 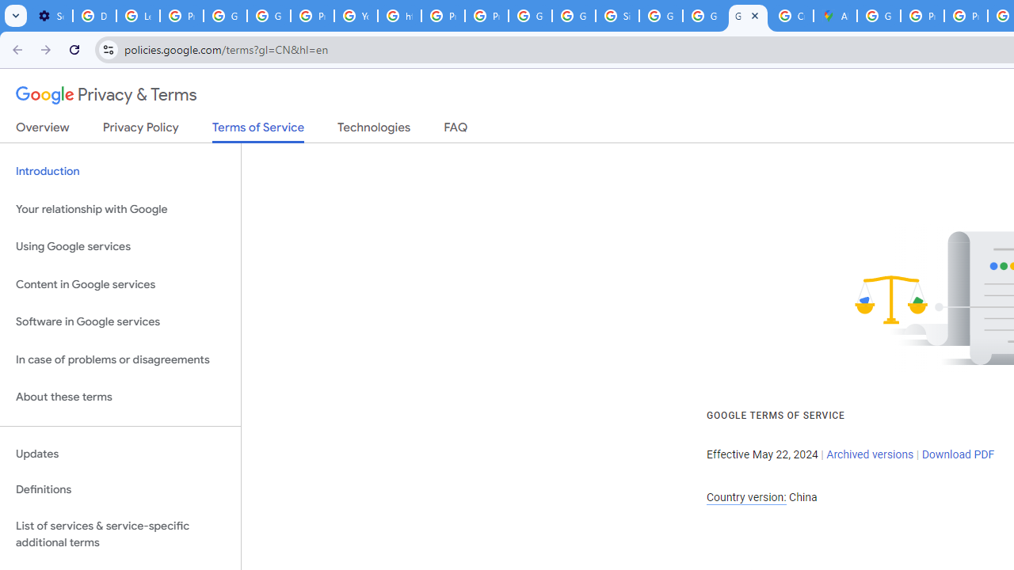 What do you see at coordinates (224, 16) in the screenshot?
I see `'Google Account Help'` at bounding box center [224, 16].